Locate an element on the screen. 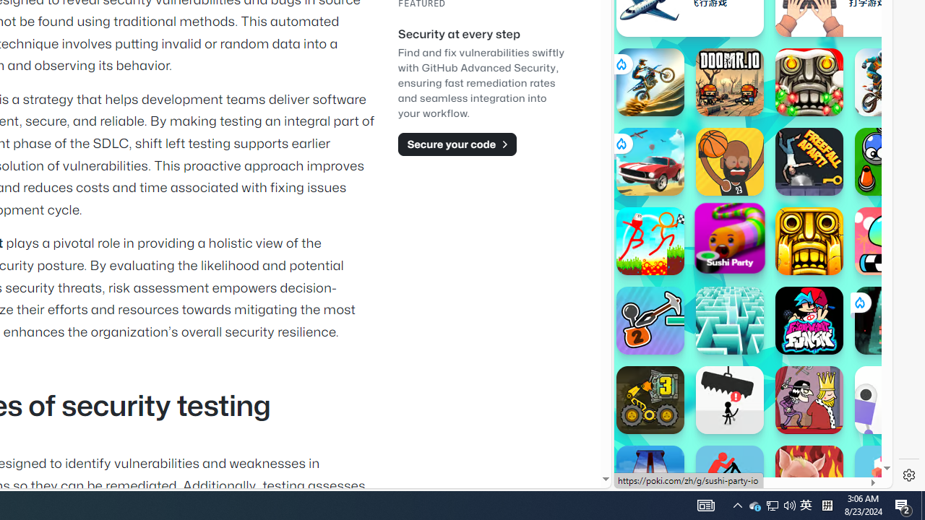  'Secure your code' is located at coordinates (456, 144).